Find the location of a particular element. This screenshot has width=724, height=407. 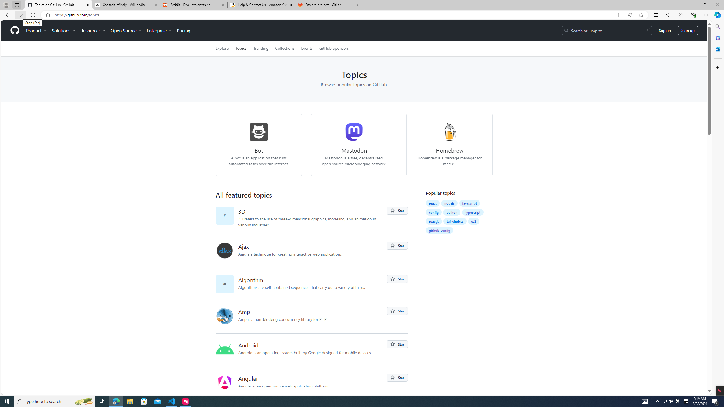

'cs2' is located at coordinates (474, 221).